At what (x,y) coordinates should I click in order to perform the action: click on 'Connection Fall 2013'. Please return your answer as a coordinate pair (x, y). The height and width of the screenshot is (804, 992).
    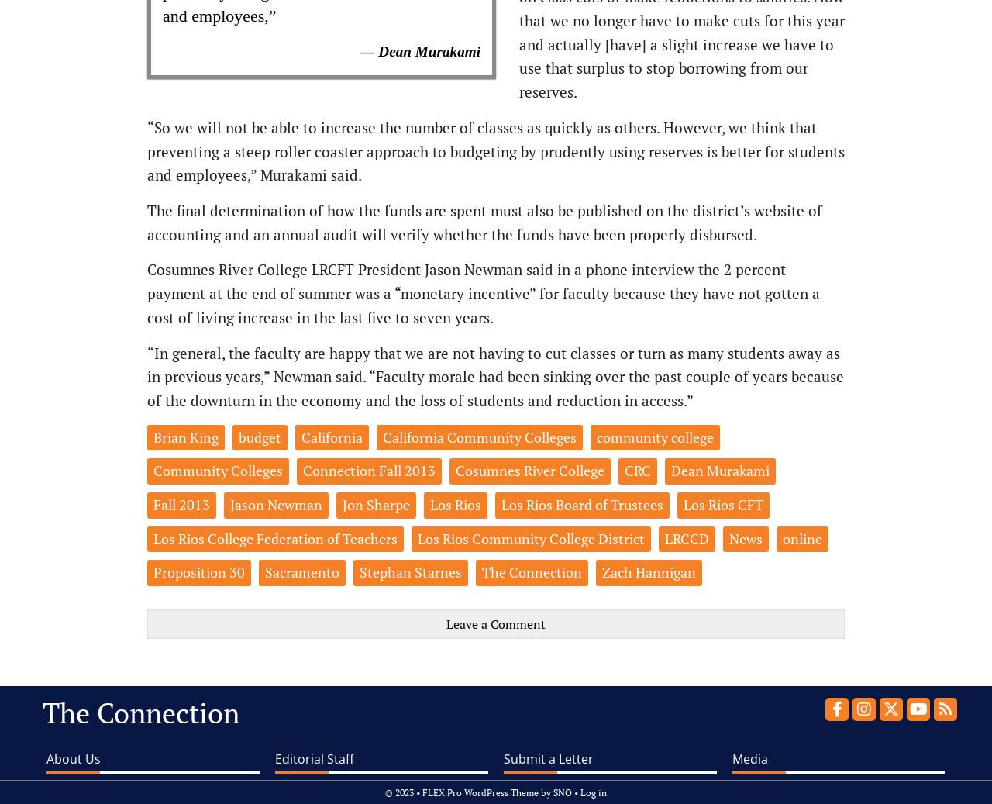
    Looking at the image, I should click on (368, 470).